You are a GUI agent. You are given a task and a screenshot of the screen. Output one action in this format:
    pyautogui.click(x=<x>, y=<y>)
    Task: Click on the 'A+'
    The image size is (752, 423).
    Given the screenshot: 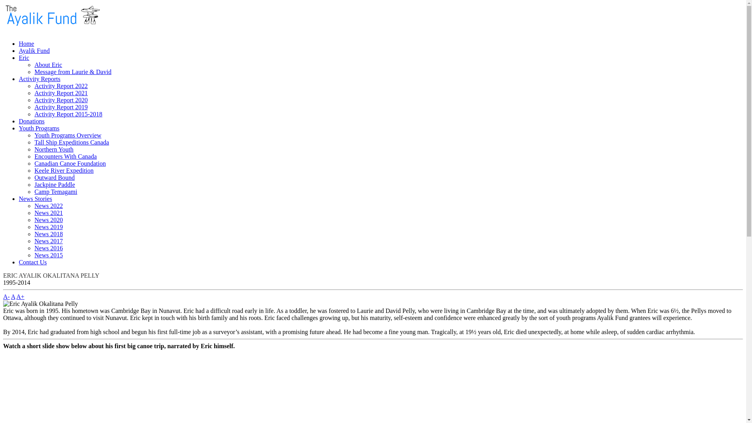 What is the action you would take?
    pyautogui.click(x=20, y=296)
    